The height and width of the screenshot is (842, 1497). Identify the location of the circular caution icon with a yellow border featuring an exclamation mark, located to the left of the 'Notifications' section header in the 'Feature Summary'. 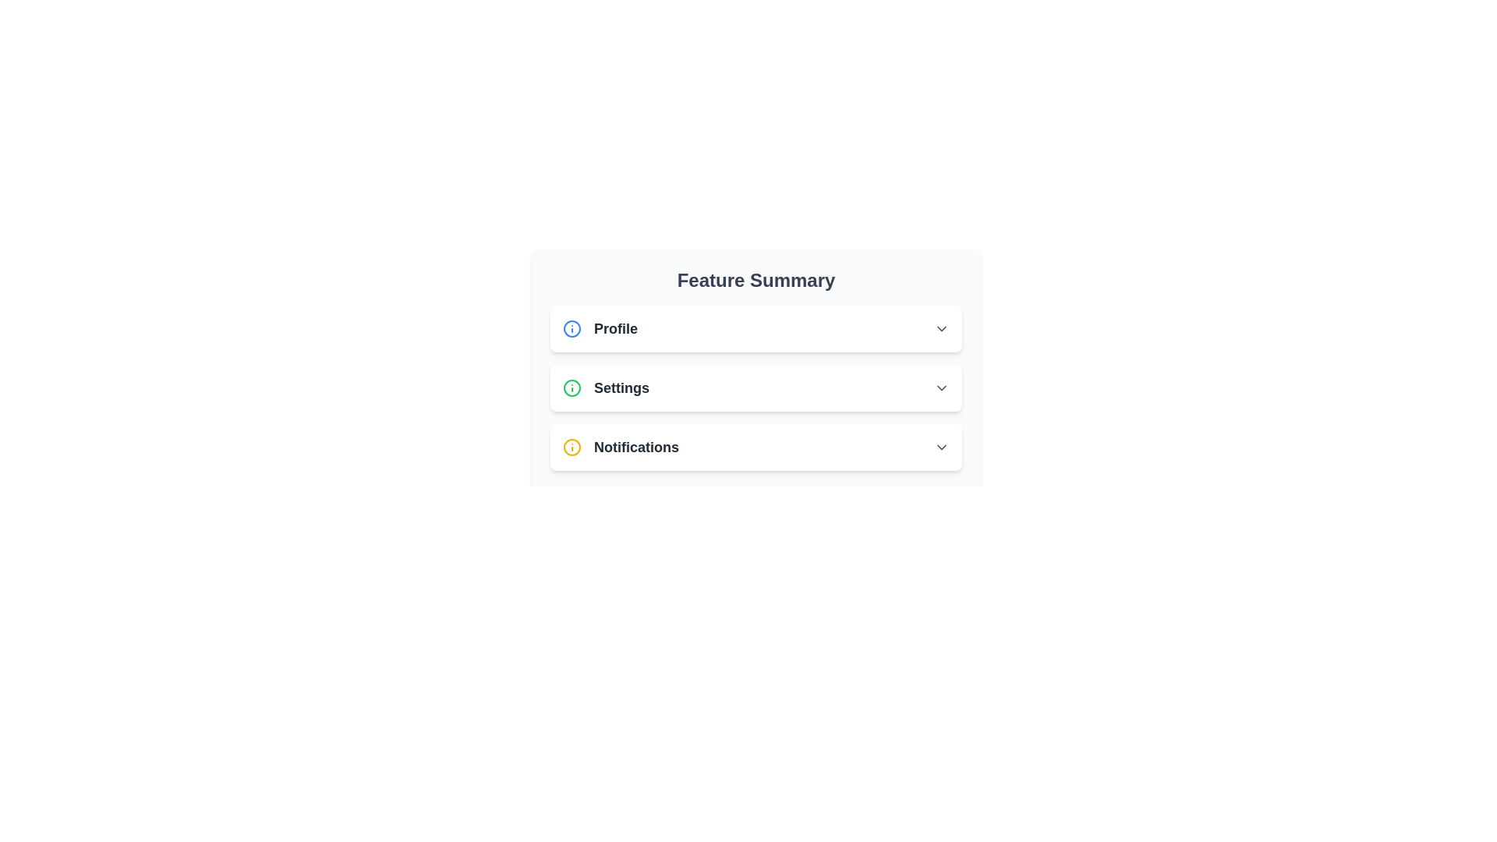
(572, 448).